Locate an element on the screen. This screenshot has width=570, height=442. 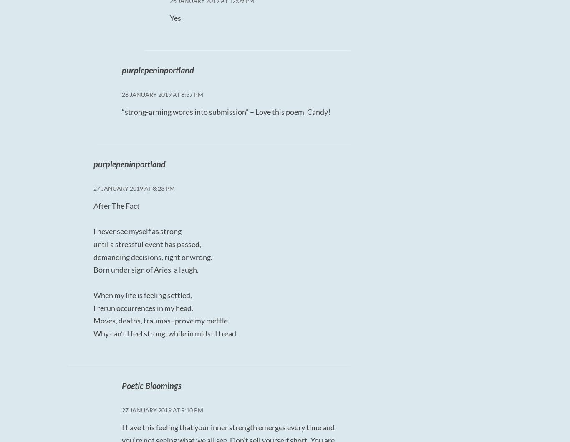
'“strong-arming words into submission”  – Love this poem, Candy!' is located at coordinates (225, 111).